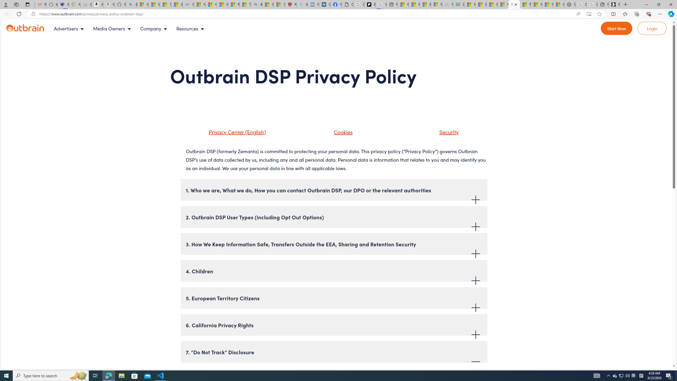  I want to click on 'Bing', so click(257, 4).